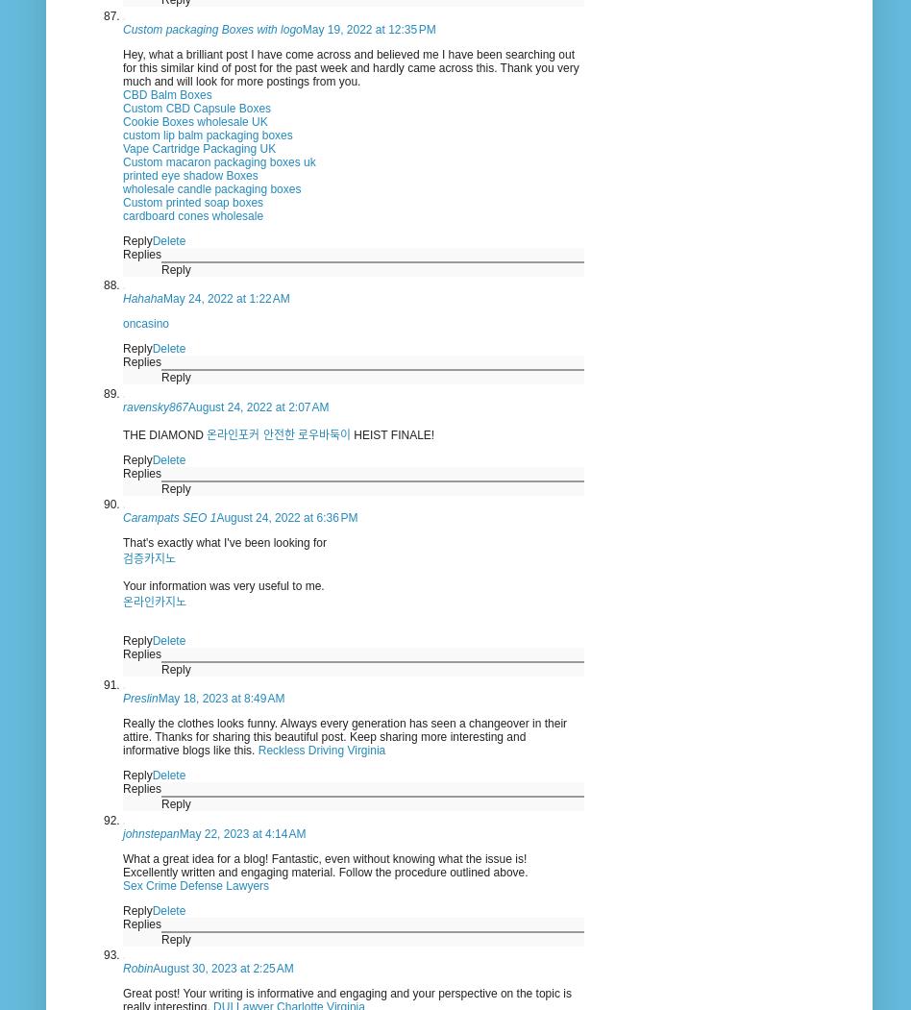 The image size is (911, 1010). Describe the element at coordinates (165, 93) in the screenshot. I see `'CBD Balm Boxes'` at that location.